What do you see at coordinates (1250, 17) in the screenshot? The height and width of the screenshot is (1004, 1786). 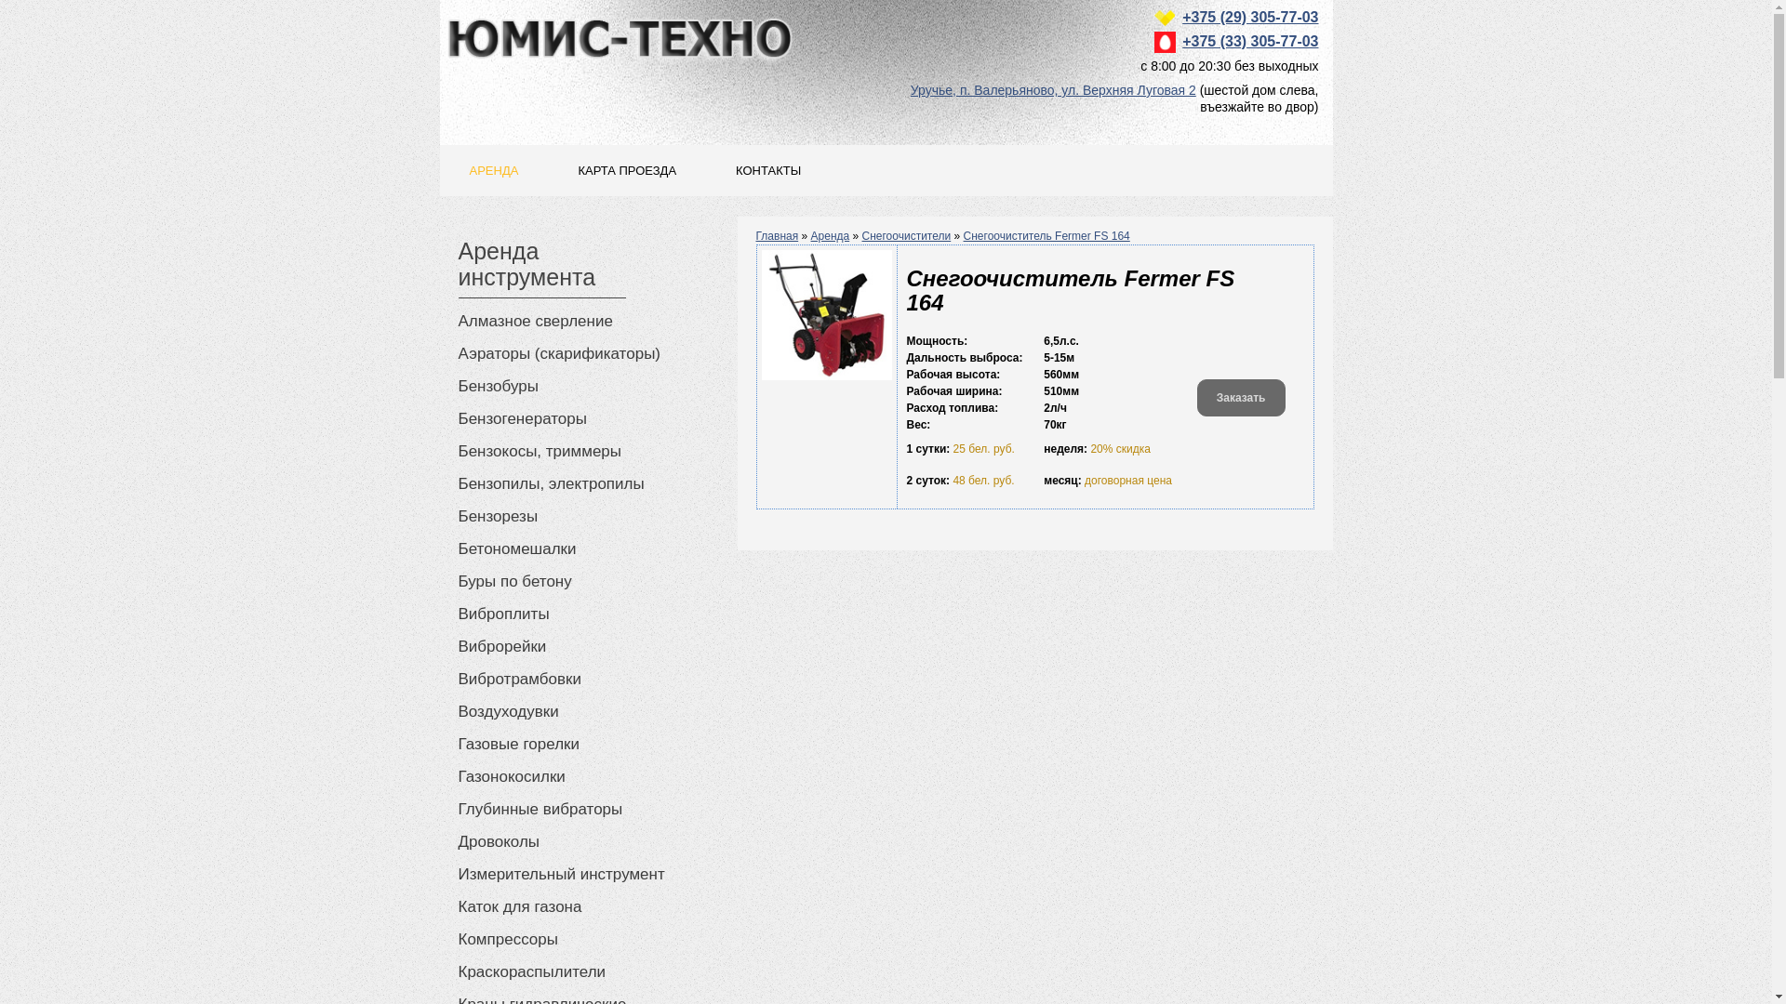 I see `'+375 (29) 305-77-03'` at bounding box center [1250, 17].